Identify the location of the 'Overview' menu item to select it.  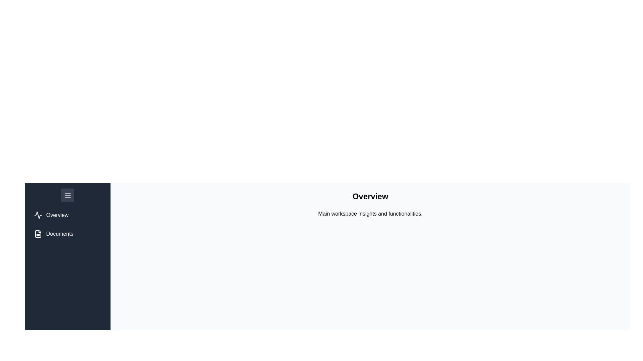
(51, 215).